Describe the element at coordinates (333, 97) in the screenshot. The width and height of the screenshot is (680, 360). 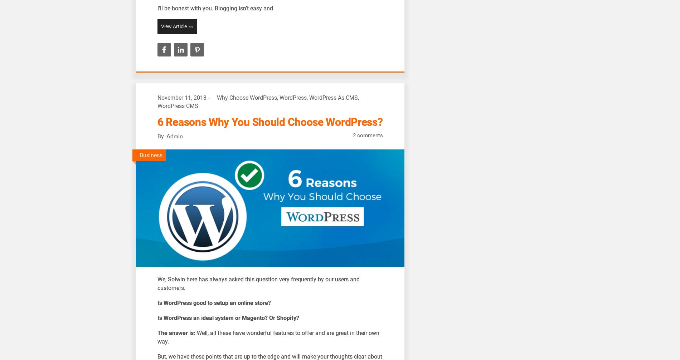
I see `'WordPress As CMS'` at that location.